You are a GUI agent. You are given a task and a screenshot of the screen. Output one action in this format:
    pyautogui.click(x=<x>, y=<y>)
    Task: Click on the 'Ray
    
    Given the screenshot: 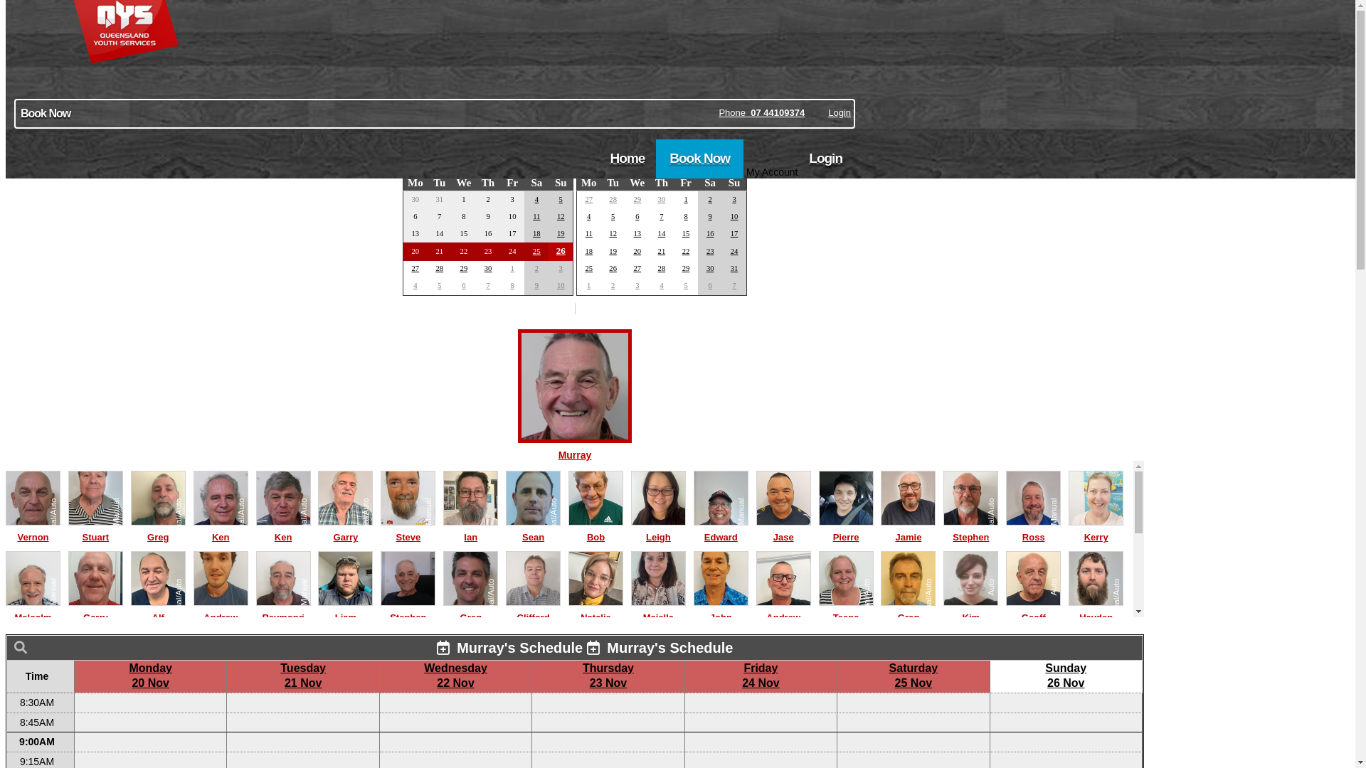 What is the action you would take?
    pyautogui.click(x=158, y=690)
    